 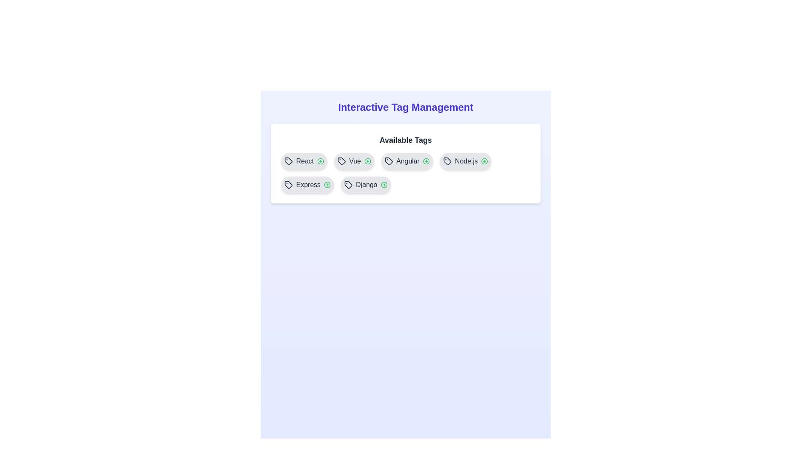 What do you see at coordinates (303, 161) in the screenshot?
I see `the rounded button labeled 'React' with a light grey background` at bounding box center [303, 161].